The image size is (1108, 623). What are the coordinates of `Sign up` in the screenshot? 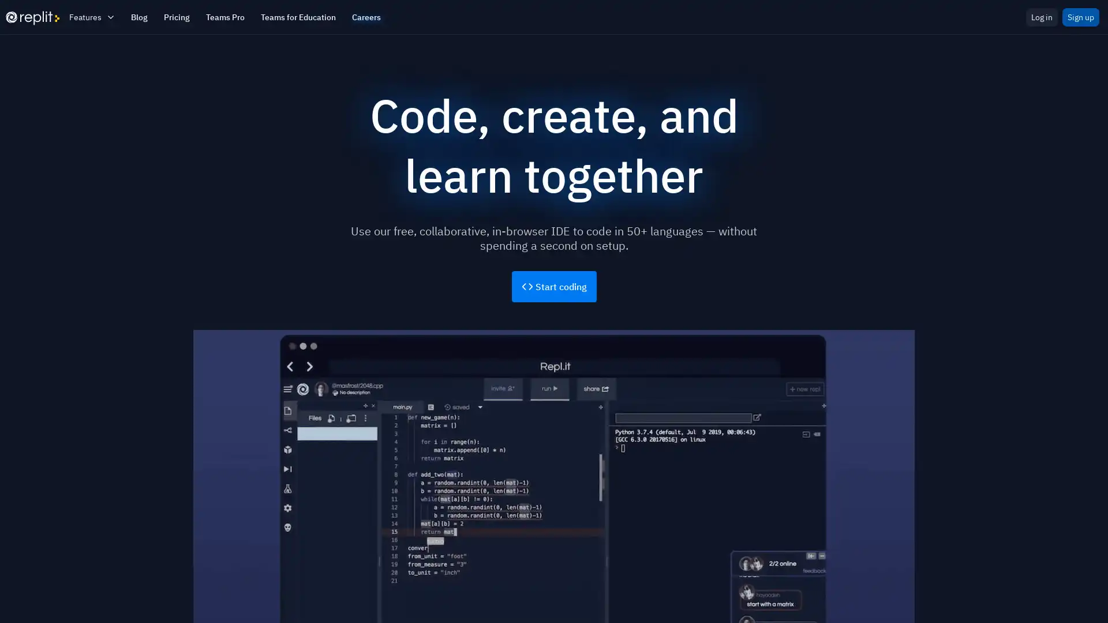 It's located at (1080, 17).